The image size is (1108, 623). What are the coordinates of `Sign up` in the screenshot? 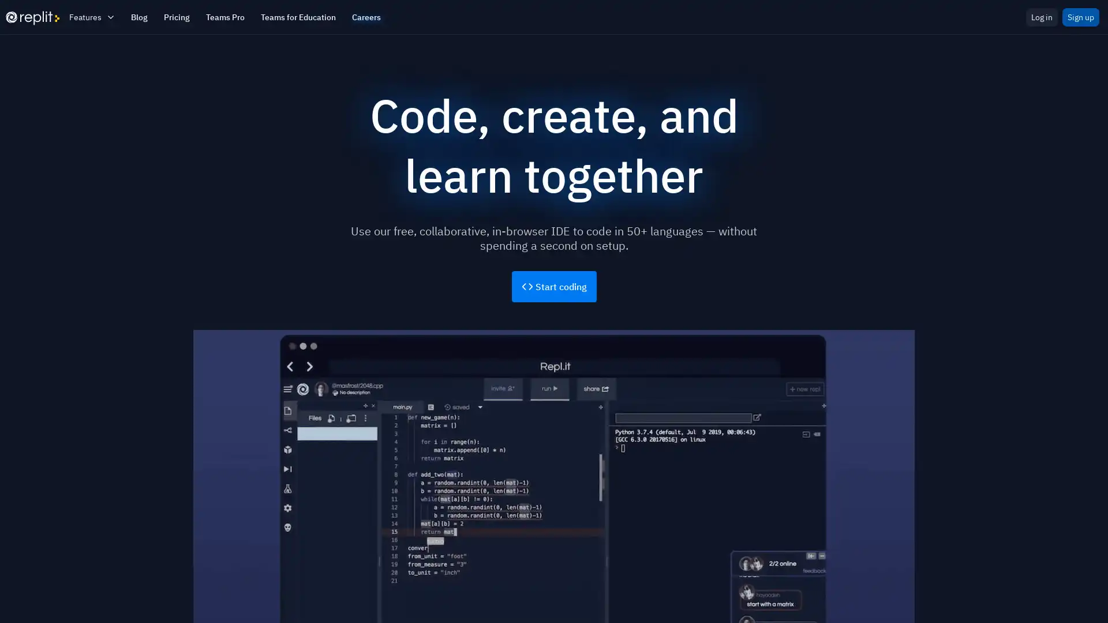 It's located at (1080, 17).